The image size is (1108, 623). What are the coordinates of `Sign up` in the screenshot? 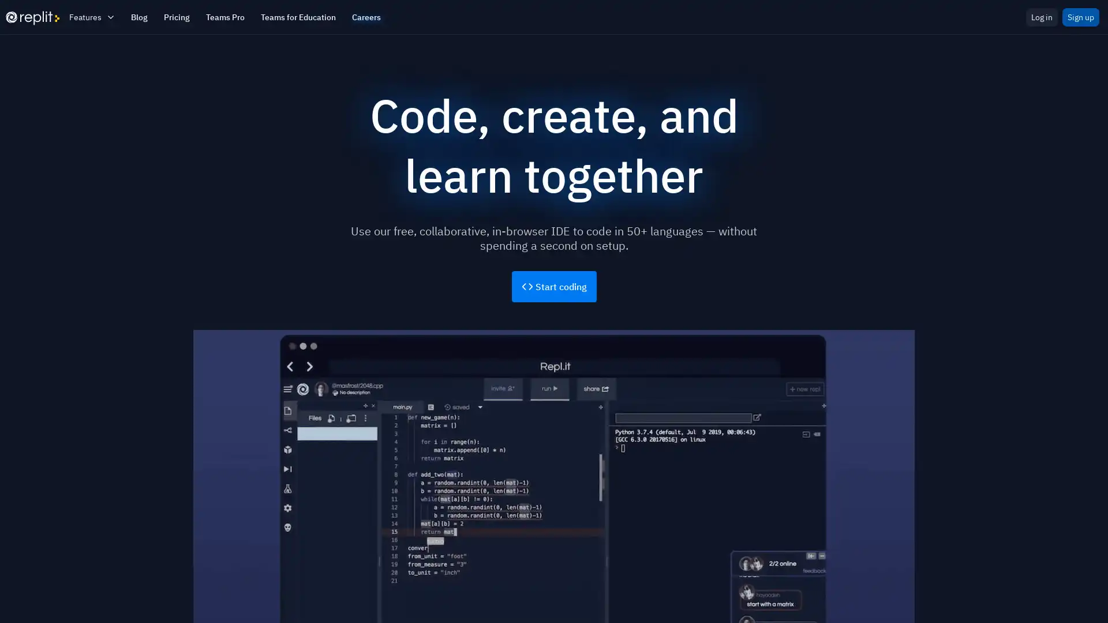 It's located at (1080, 17).